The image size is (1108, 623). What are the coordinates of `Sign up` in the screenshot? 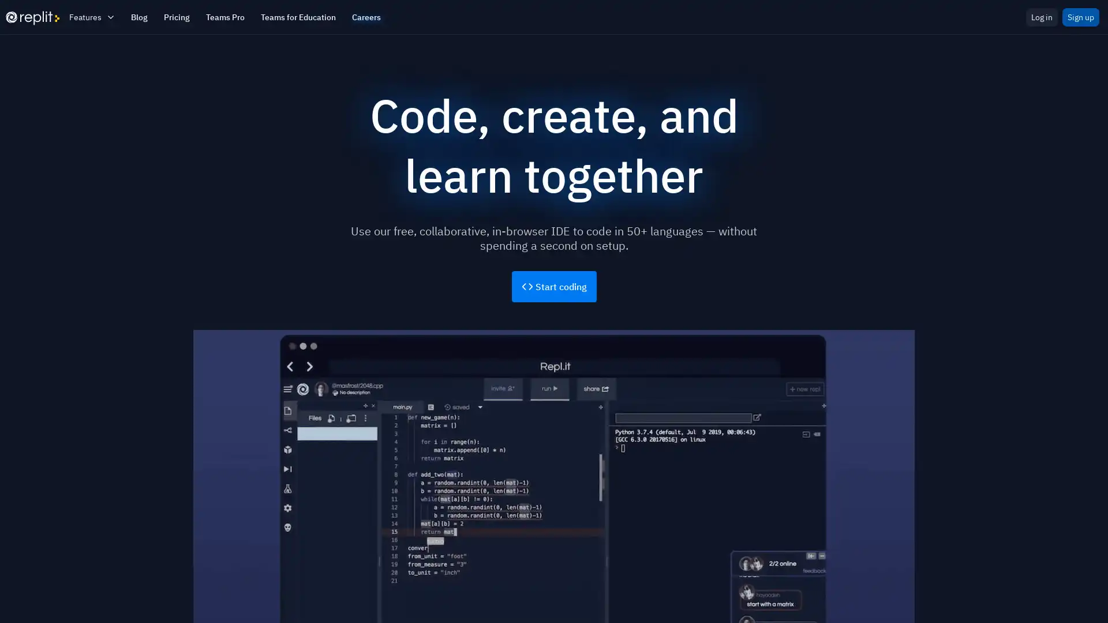 It's located at (1080, 17).